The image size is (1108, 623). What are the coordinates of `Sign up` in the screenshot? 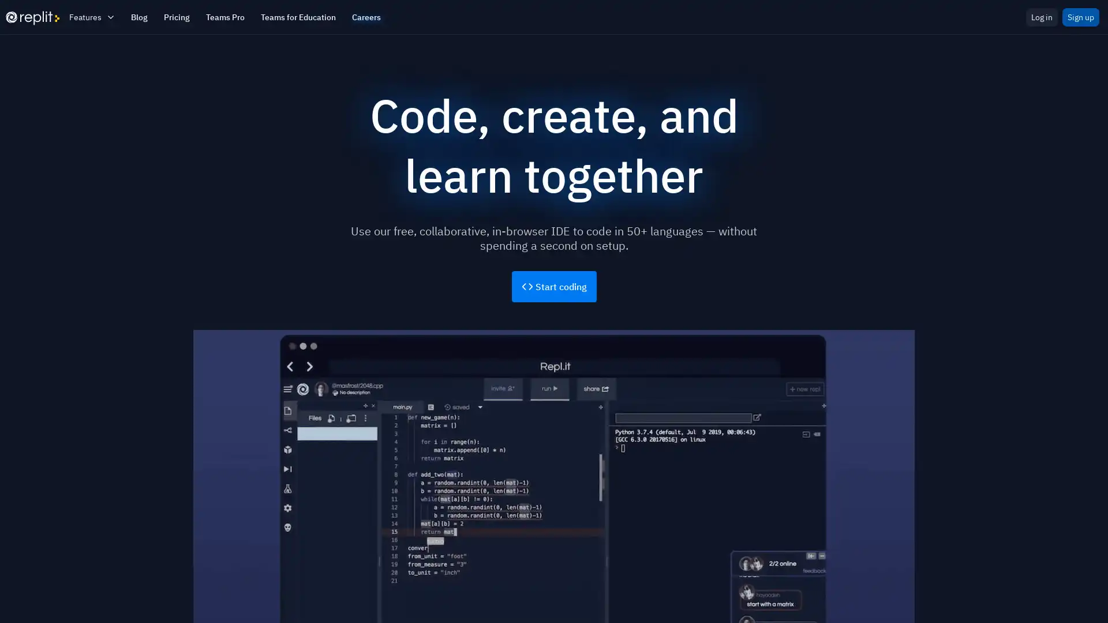 It's located at (1080, 17).